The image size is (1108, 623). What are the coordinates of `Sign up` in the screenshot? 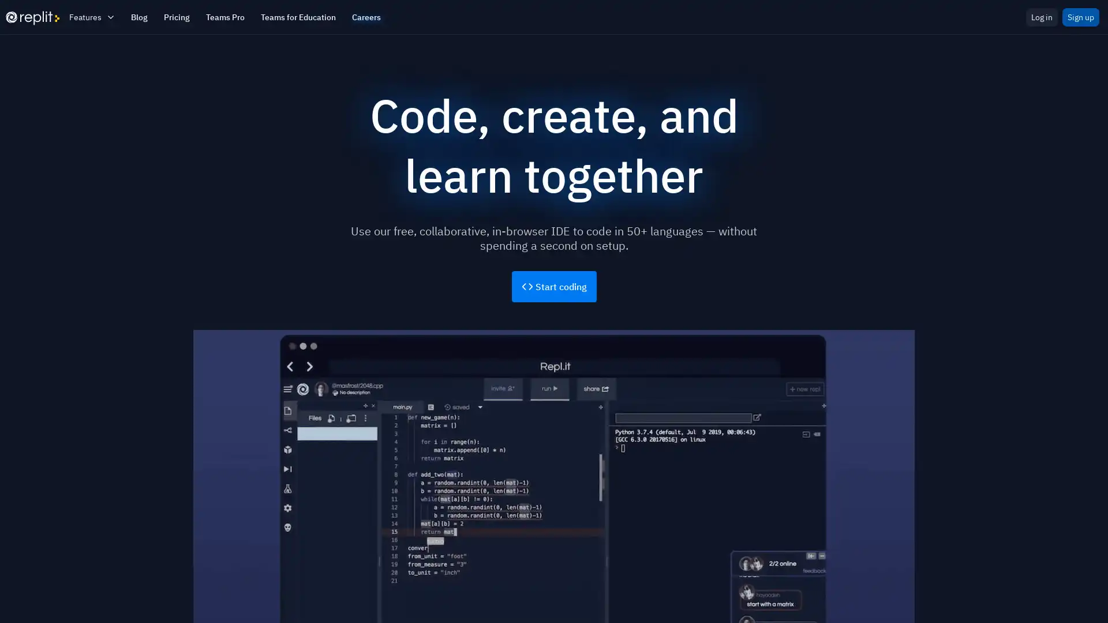 It's located at (1080, 17).